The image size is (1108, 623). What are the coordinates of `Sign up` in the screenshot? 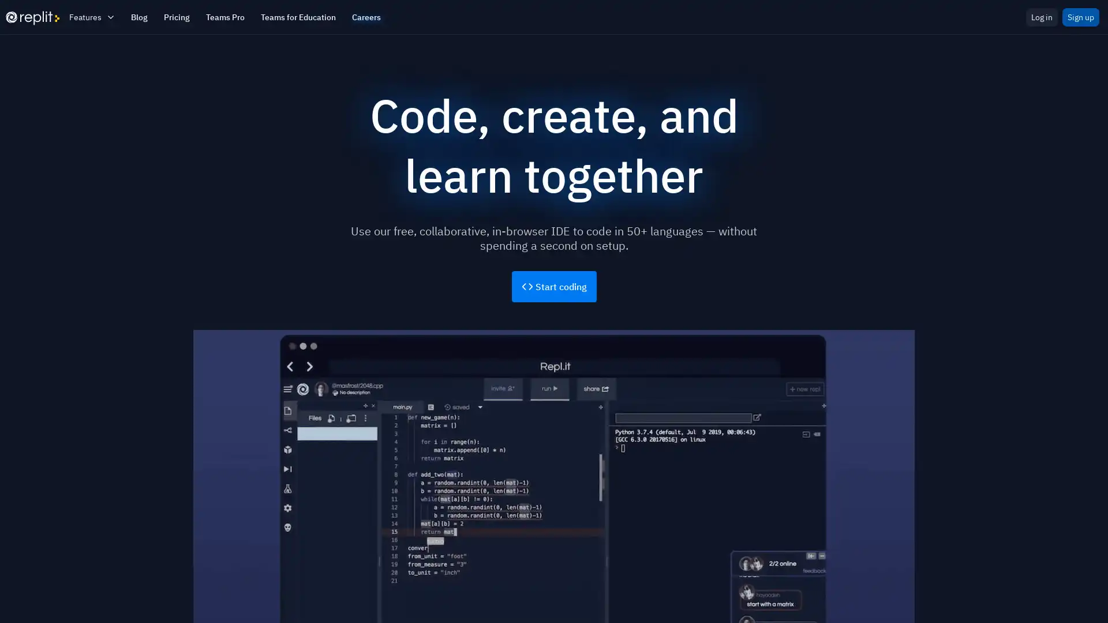 It's located at (1080, 17).